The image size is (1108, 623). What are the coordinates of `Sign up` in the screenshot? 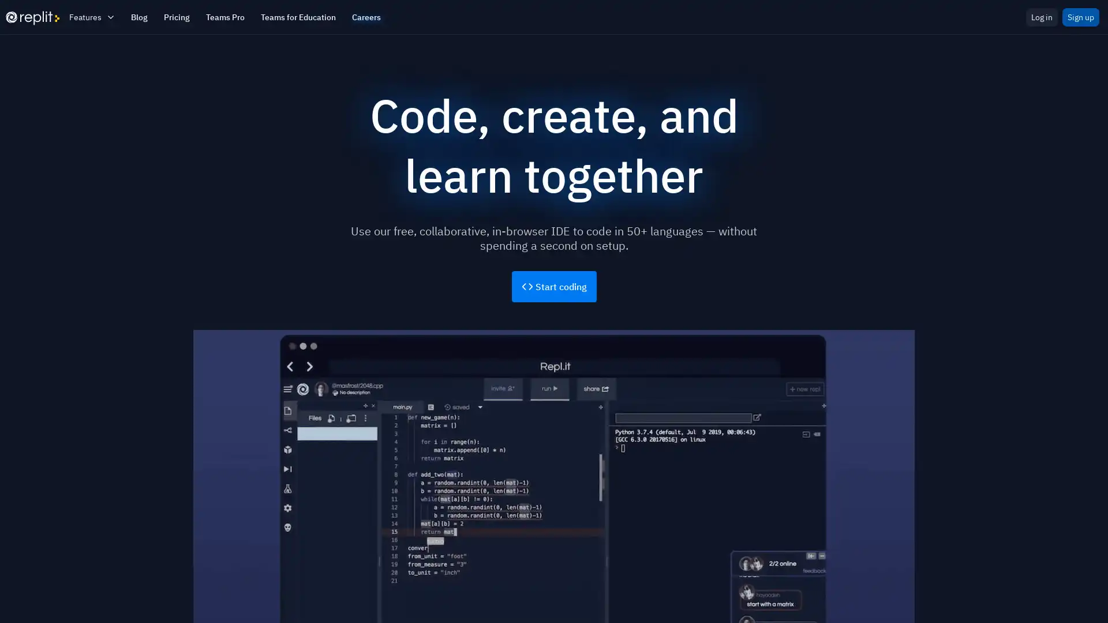 It's located at (1080, 17).